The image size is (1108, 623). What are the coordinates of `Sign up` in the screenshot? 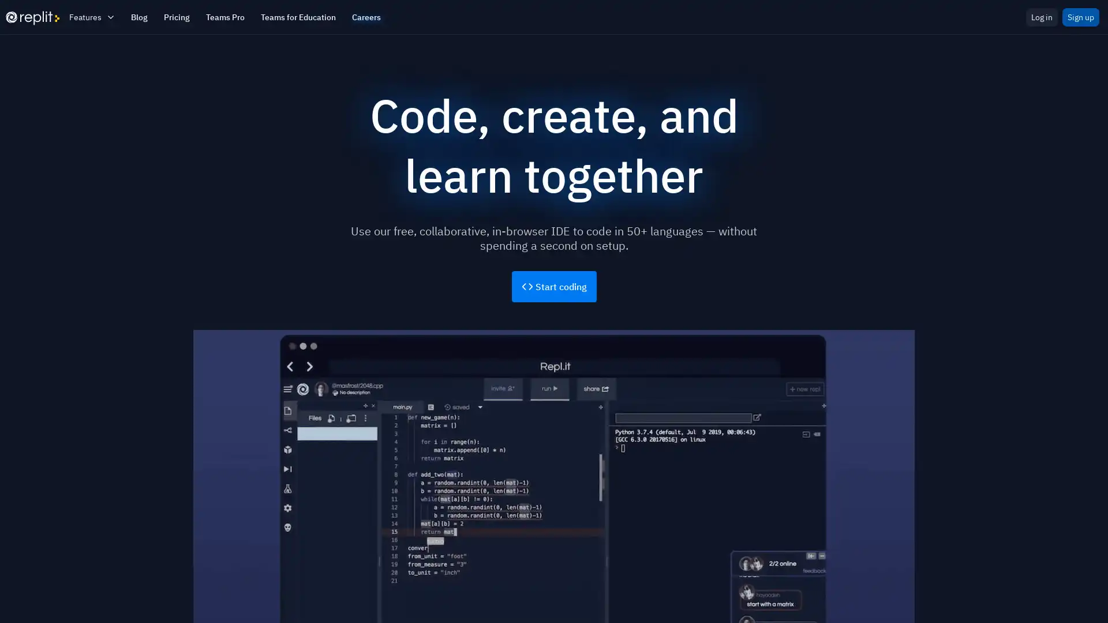 It's located at (1080, 17).